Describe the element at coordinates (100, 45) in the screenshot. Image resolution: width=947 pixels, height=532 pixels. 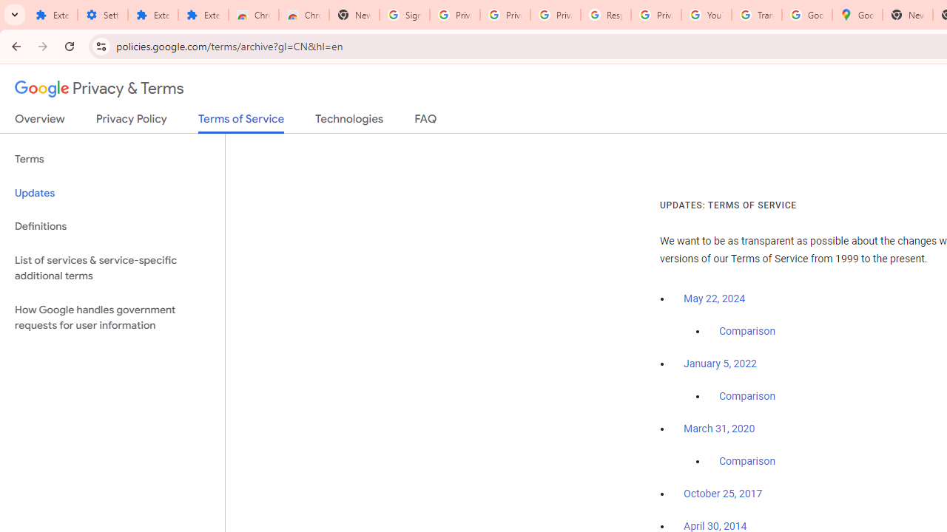
I see `'View site information'` at that location.